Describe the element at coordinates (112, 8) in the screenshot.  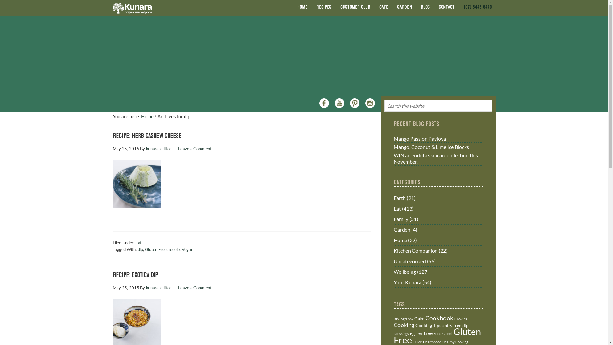
I see `'Kunara'` at that location.